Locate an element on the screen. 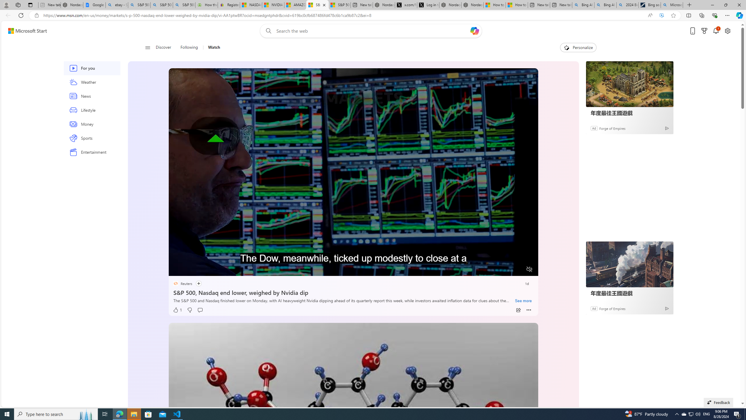 This screenshot has height=420, width=746. '1 Like' is located at coordinates (177, 310).